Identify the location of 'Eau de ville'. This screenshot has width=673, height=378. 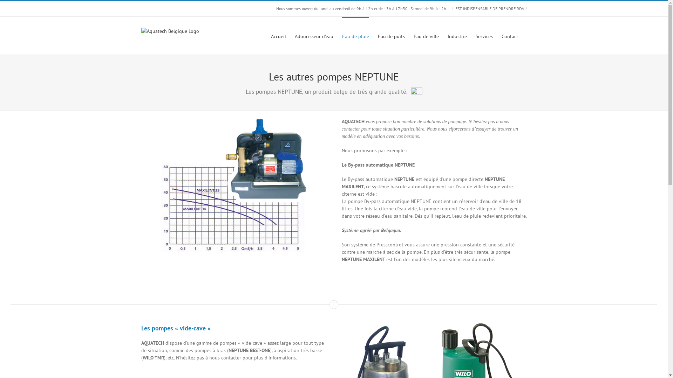
(426, 35).